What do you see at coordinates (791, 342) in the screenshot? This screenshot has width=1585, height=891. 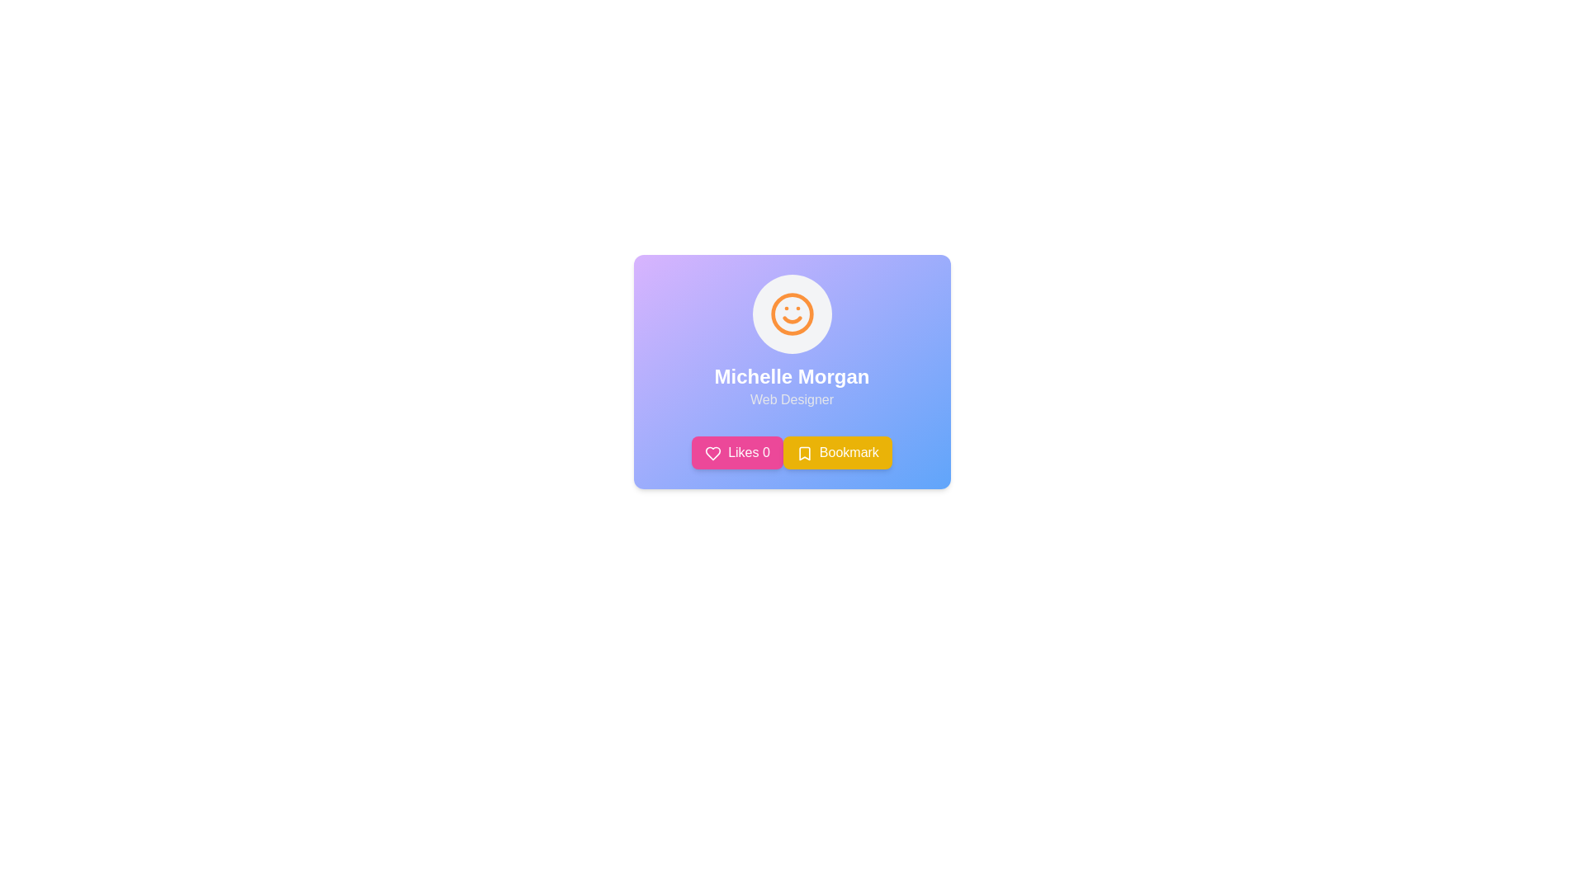 I see `the Profile Header Block featuring a circular smiley face icon, the name 'Michelle Morgan' in bold white font, and the designation 'Web Designer' in lighter gray font` at bounding box center [791, 342].